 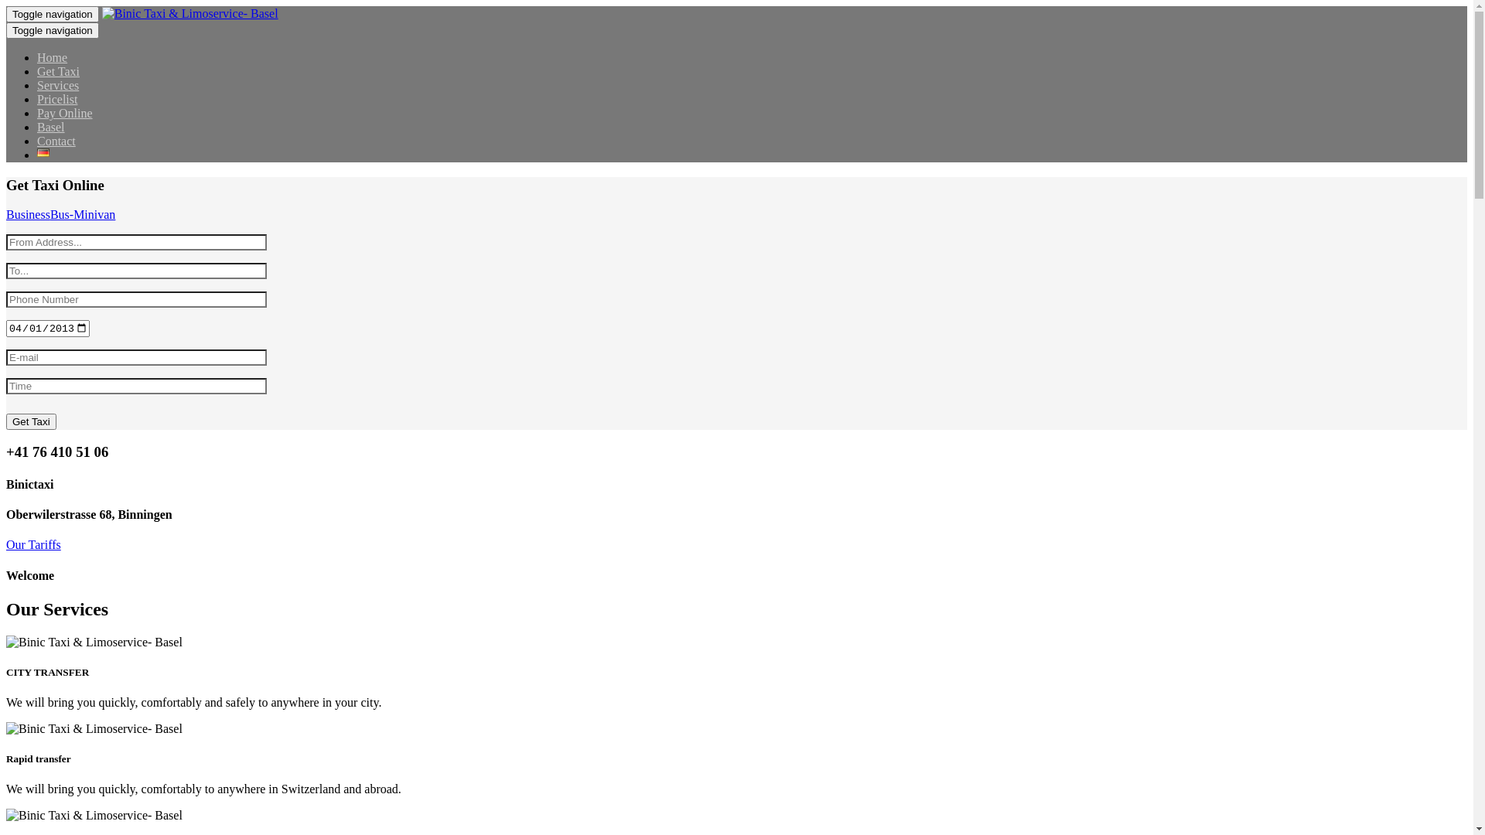 I want to click on 'Pay Online', so click(x=63, y=112).